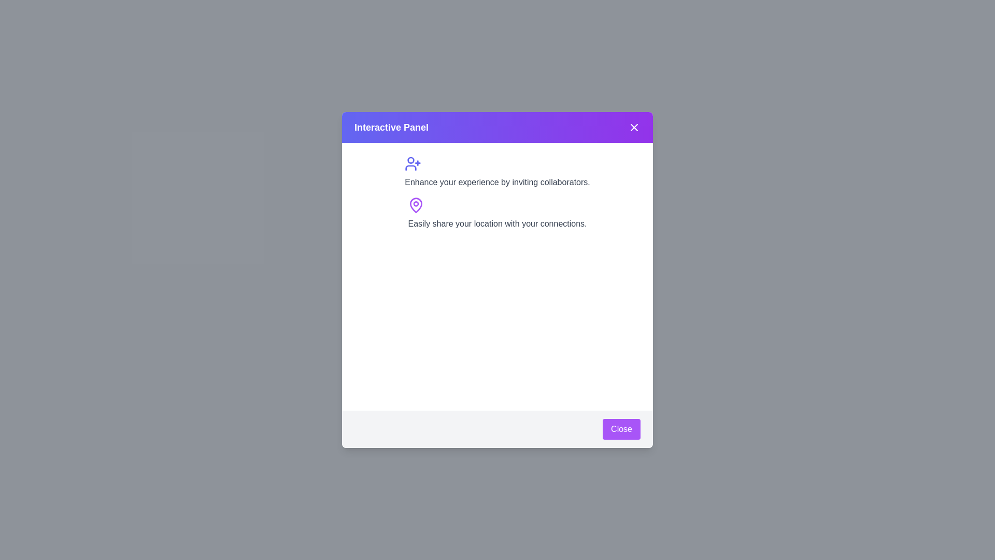  I want to click on the bottom part of the map pin icon, which is part of an SVG graphic, to trigger nearby elements, so click(416, 205).